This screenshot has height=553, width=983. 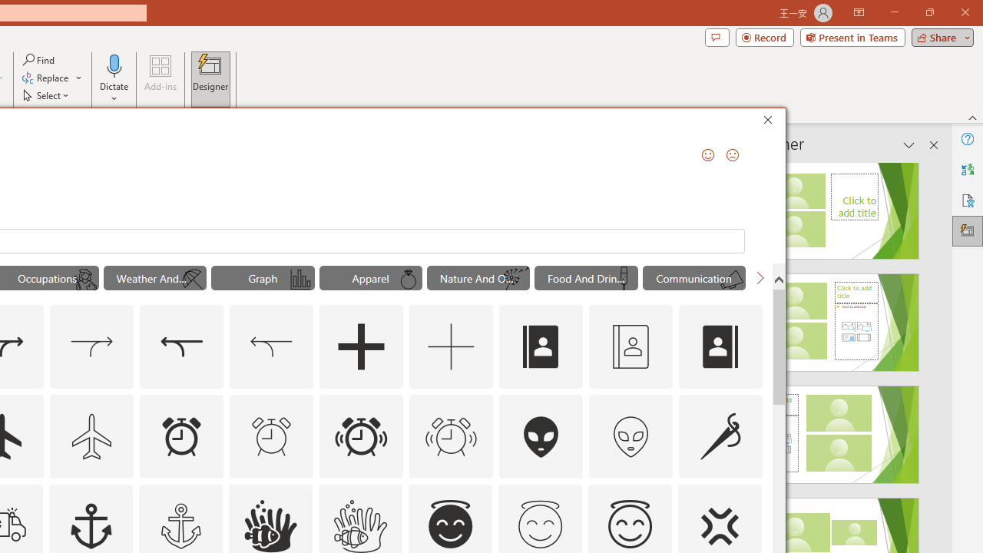 I want to click on 'AutomationID: Icons_Champagne_M', so click(x=624, y=280).